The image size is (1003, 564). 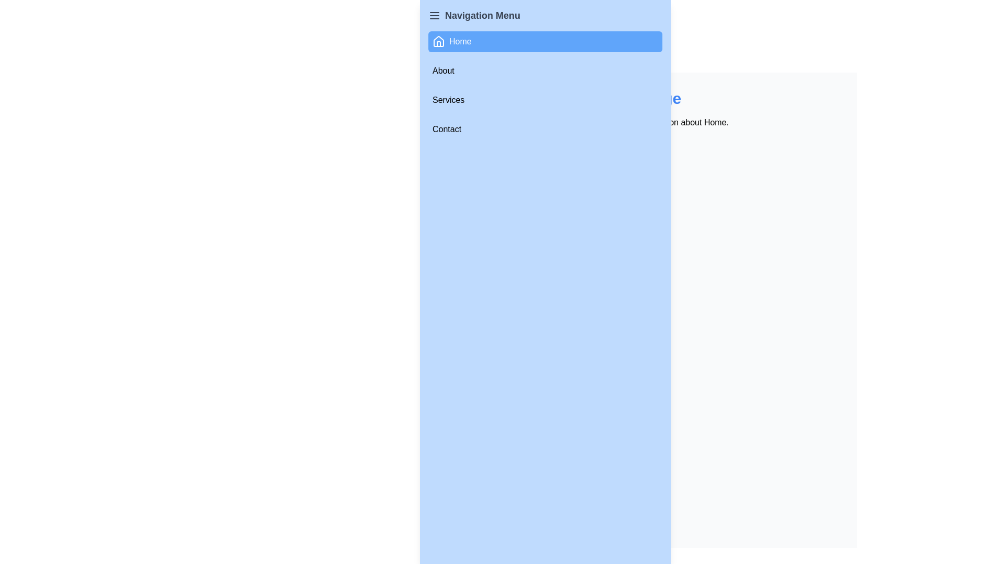 I want to click on the topmost navigation button in the vertical menu on the left, so click(x=544, y=41).